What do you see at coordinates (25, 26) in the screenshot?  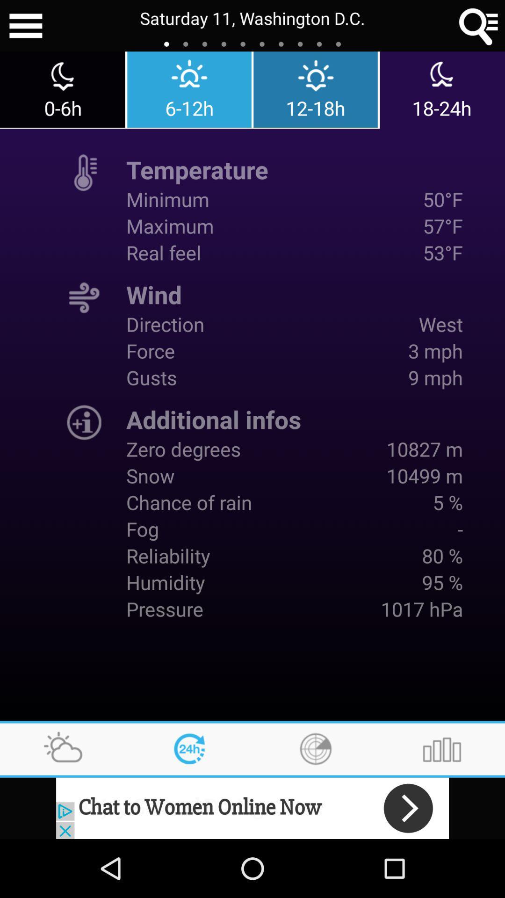 I see `menu` at bounding box center [25, 26].